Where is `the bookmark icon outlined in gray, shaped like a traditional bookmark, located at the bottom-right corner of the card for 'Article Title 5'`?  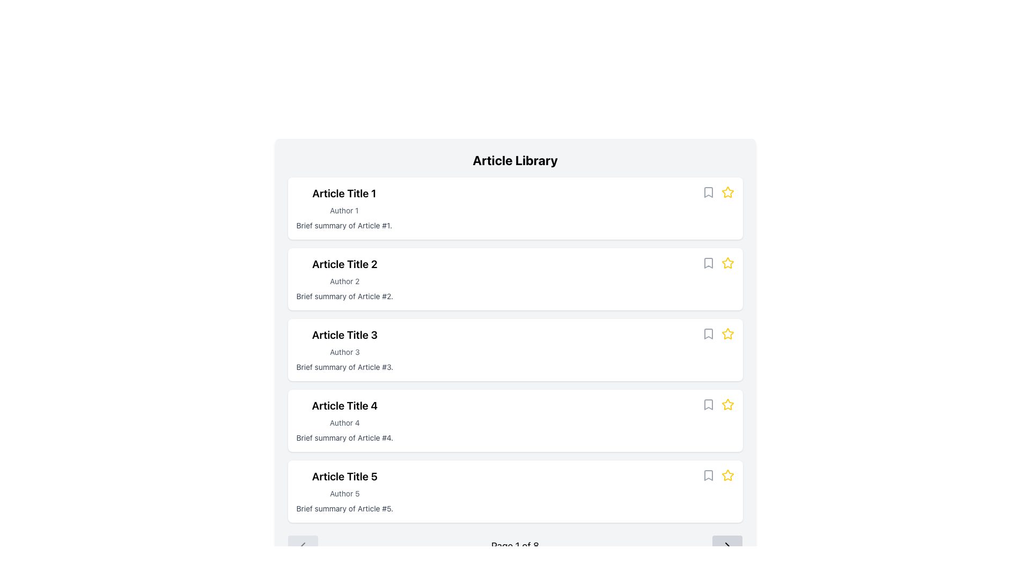 the bookmark icon outlined in gray, shaped like a traditional bookmark, located at the bottom-right corner of the card for 'Article Title 5' is located at coordinates (708, 475).